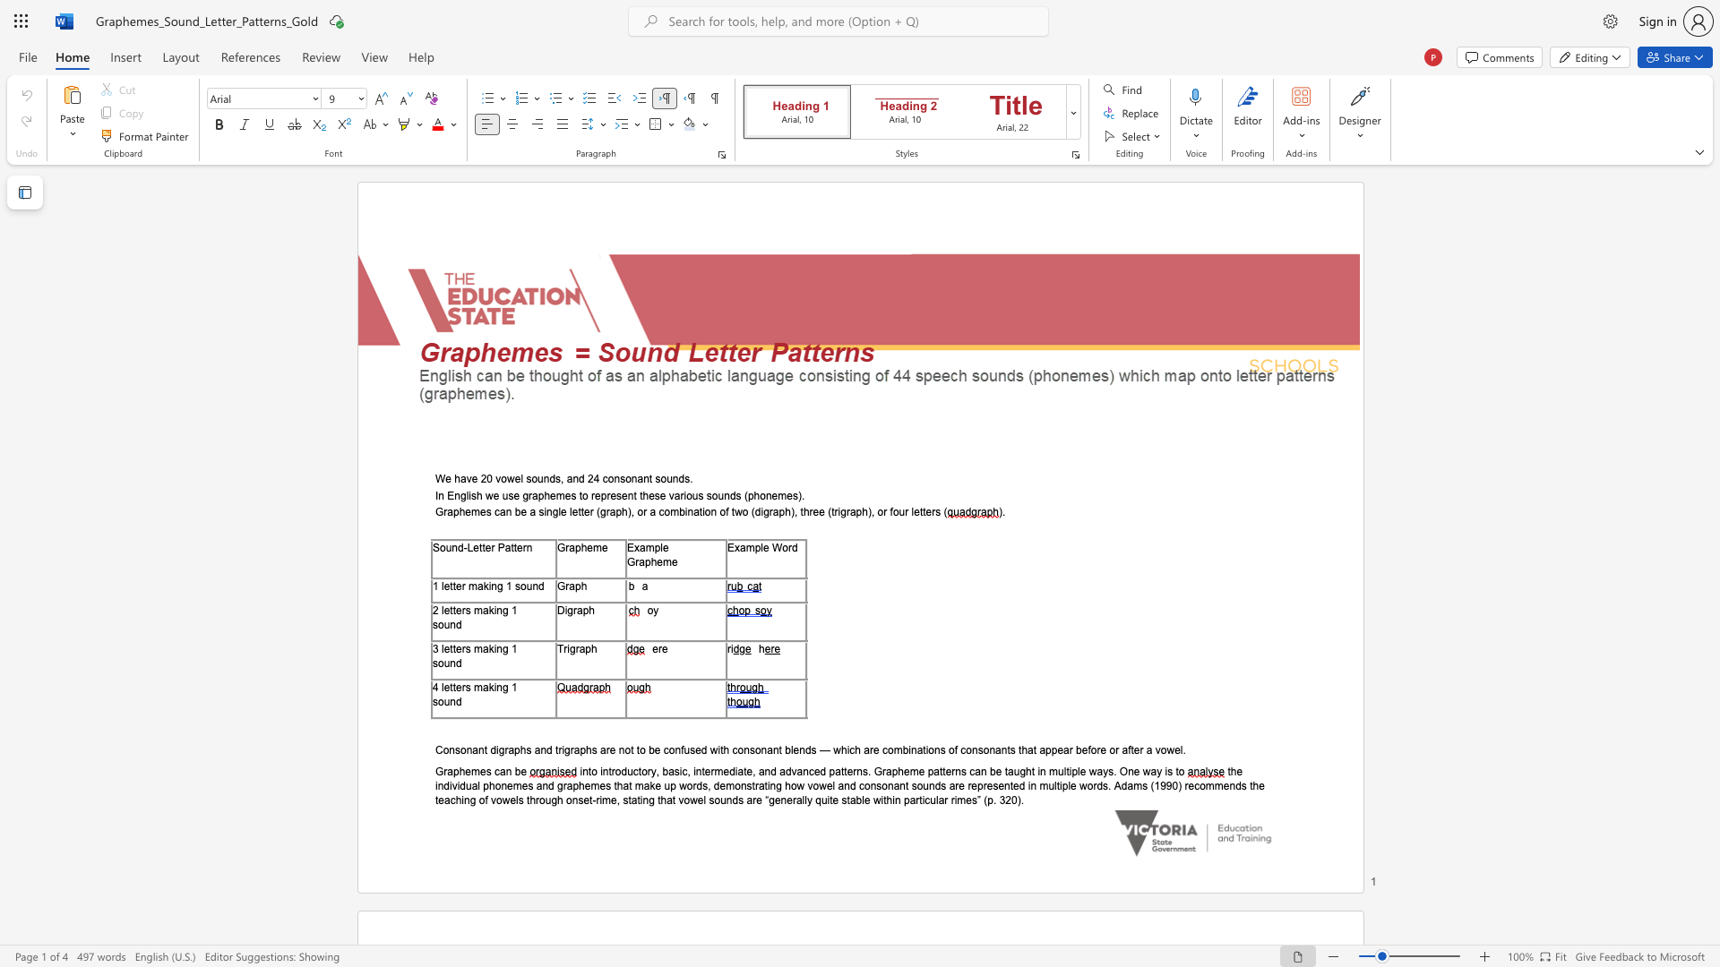  What do you see at coordinates (445, 478) in the screenshot?
I see `the subset text "e have 20 vowel sounds, and 2" within the text "We have 20 vowel sounds, and 24 consonant sounds."` at bounding box center [445, 478].